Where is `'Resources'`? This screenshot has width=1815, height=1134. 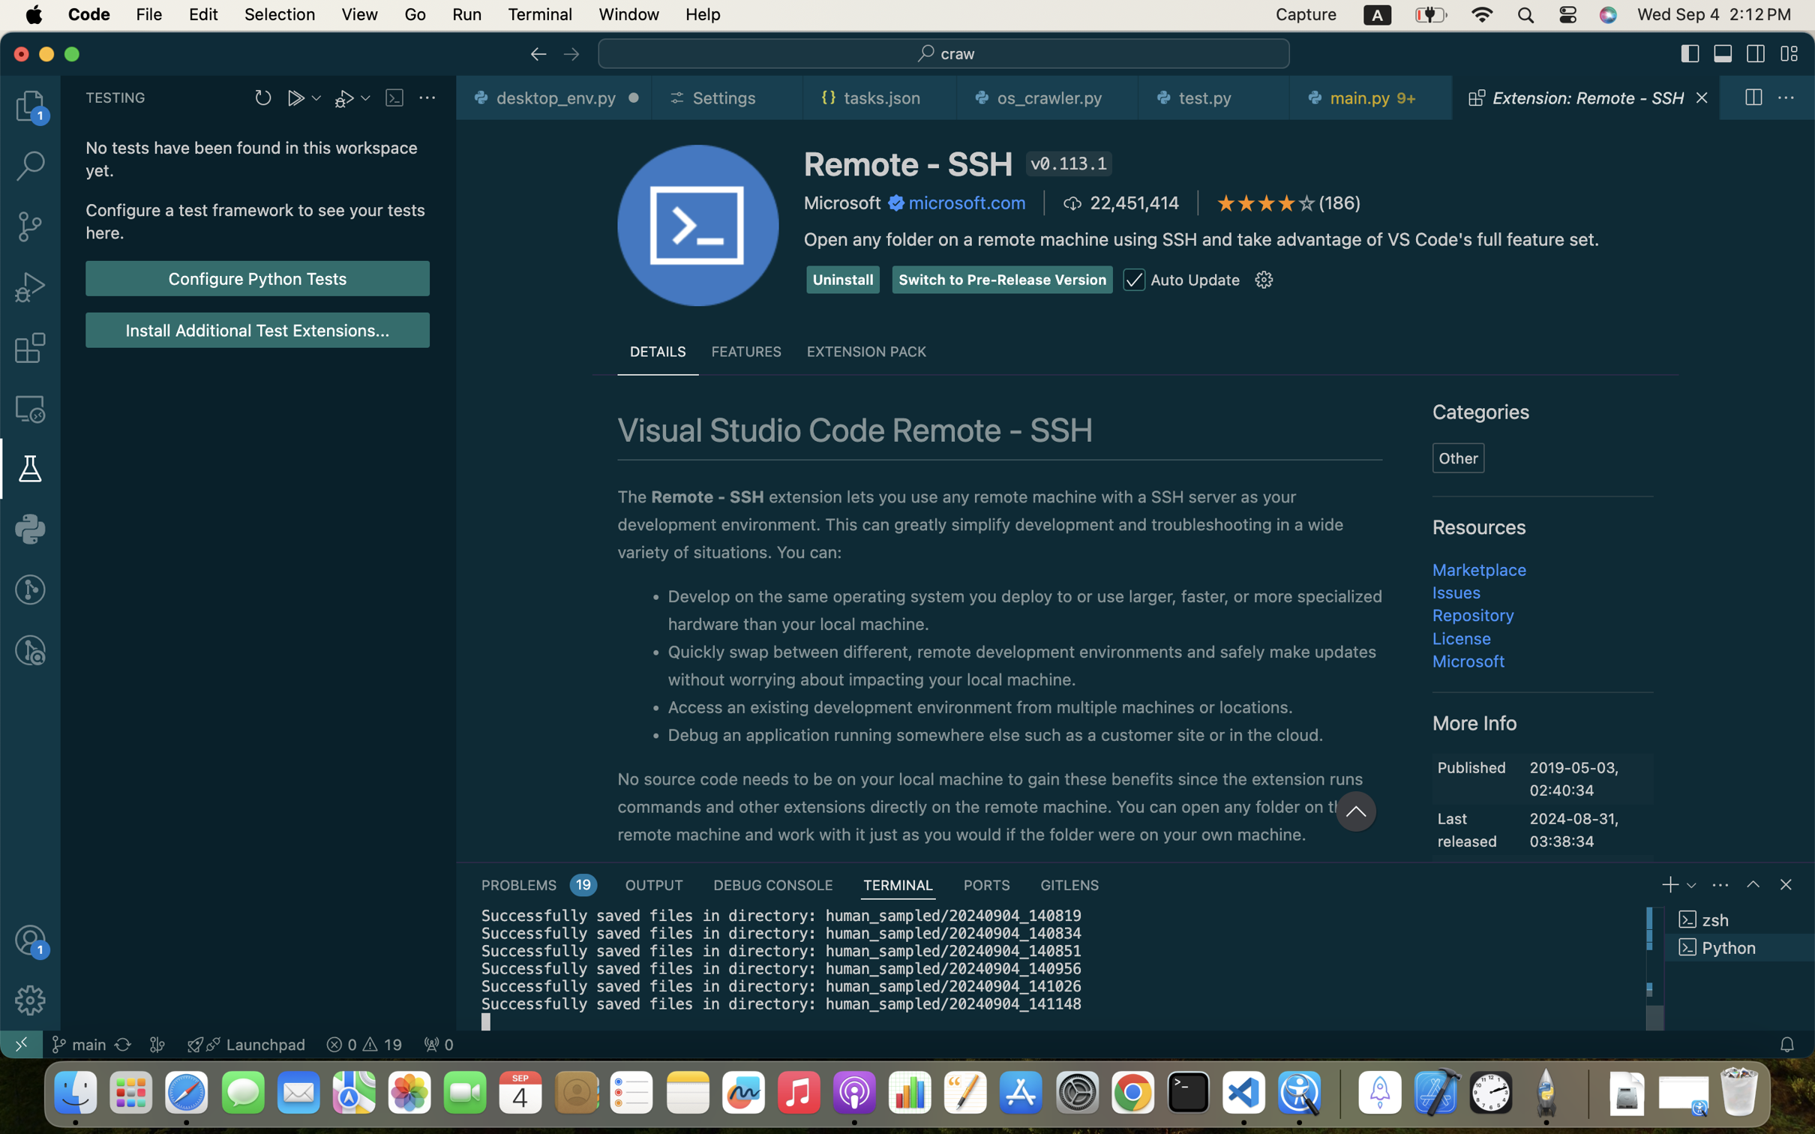 'Resources' is located at coordinates (1479, 526).